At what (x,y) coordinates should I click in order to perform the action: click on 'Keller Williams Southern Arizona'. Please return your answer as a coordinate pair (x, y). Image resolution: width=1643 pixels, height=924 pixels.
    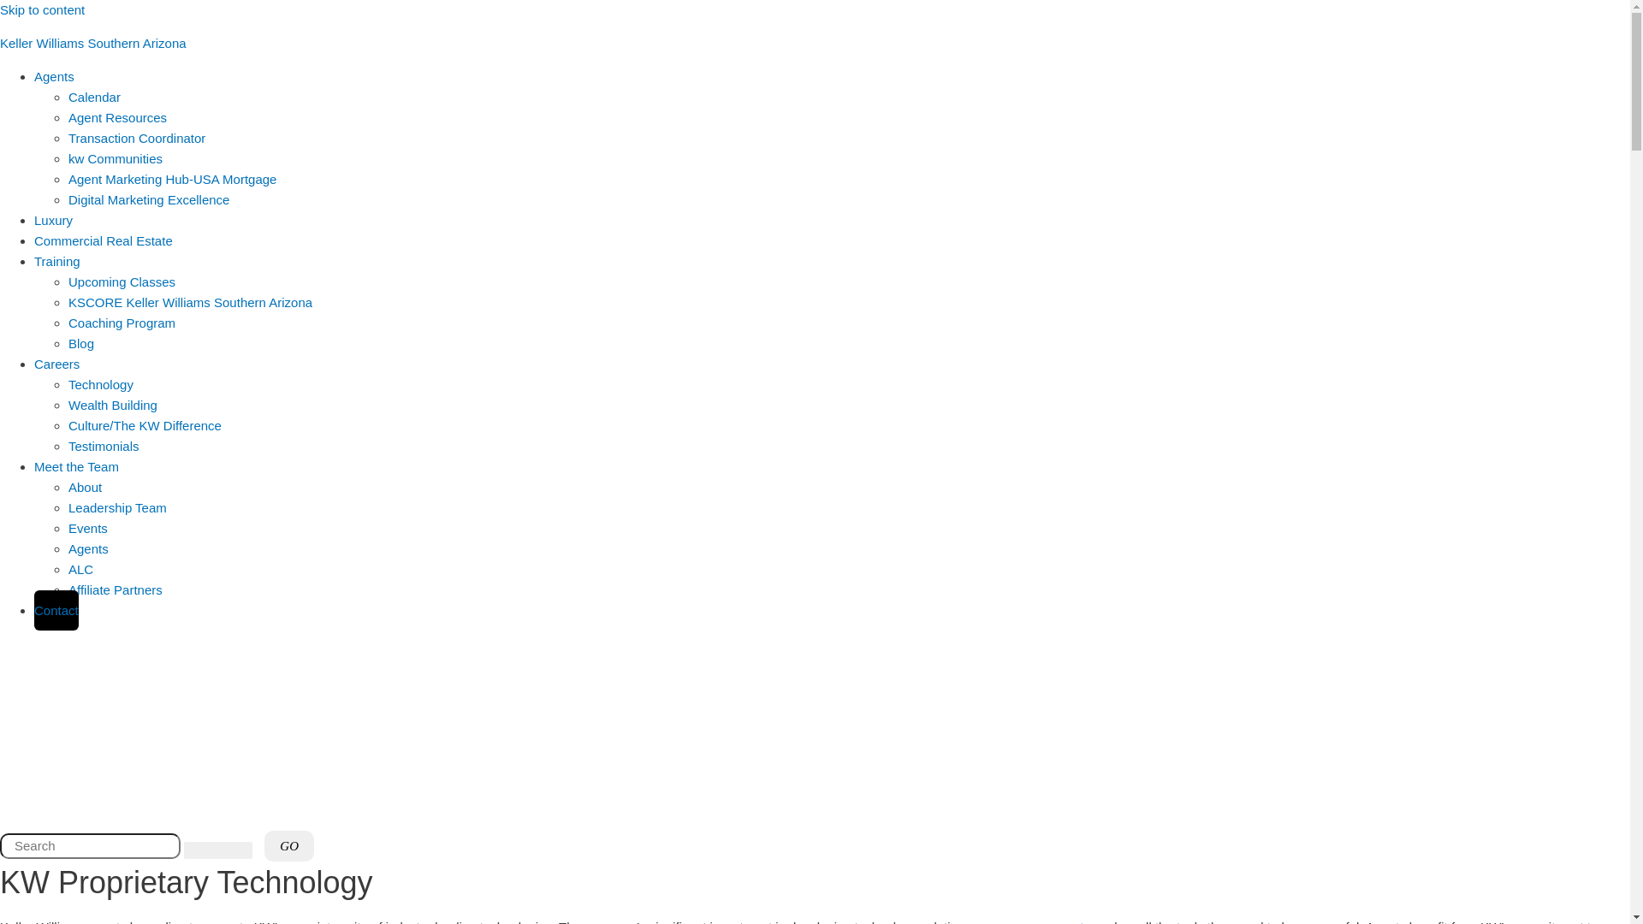
    Looking at the image, I should click on (92, 42).